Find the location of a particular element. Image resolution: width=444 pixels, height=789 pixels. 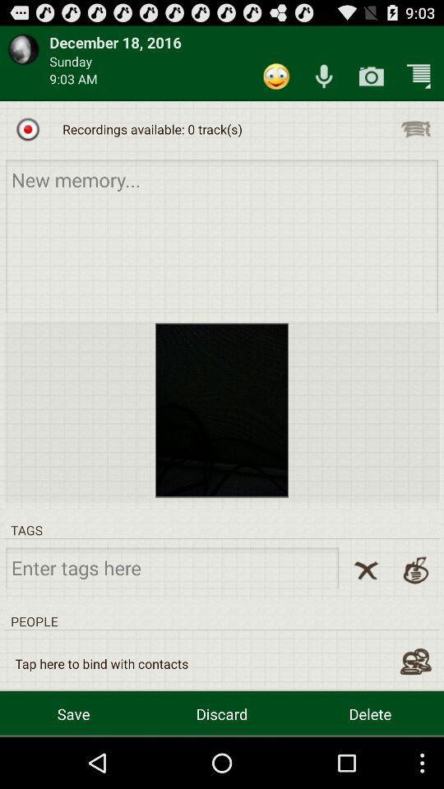

capture audio is located at coordinates (324, 76).